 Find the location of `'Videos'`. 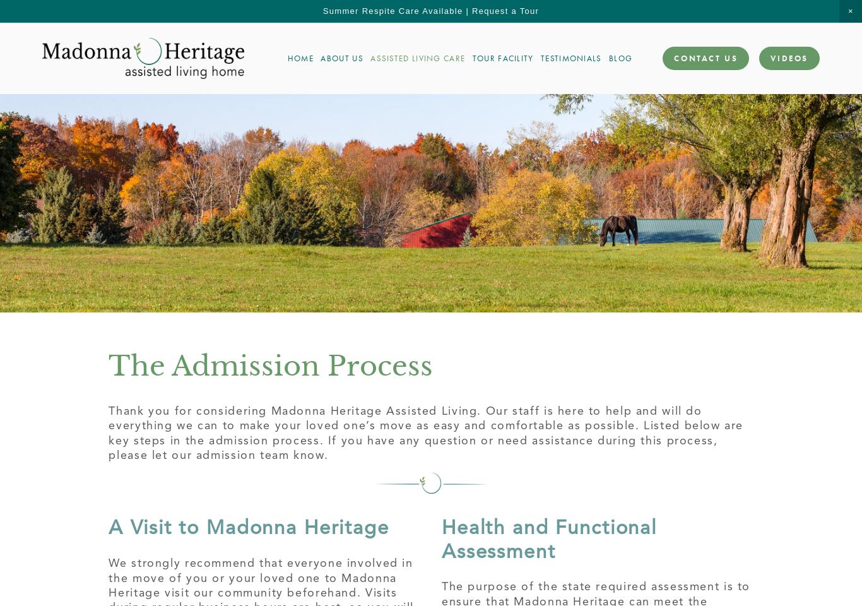

'Videos' is located at coordinates (770, 58).